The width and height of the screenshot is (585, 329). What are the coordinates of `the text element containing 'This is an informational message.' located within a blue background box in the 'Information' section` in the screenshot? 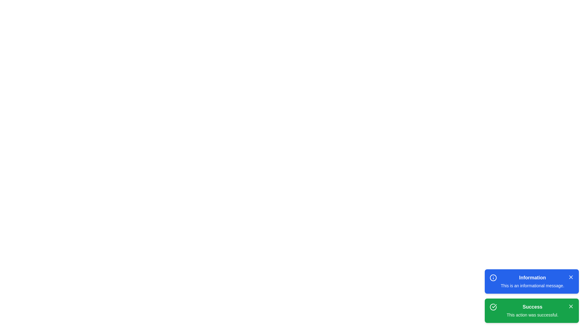 It's located at (532, 285).